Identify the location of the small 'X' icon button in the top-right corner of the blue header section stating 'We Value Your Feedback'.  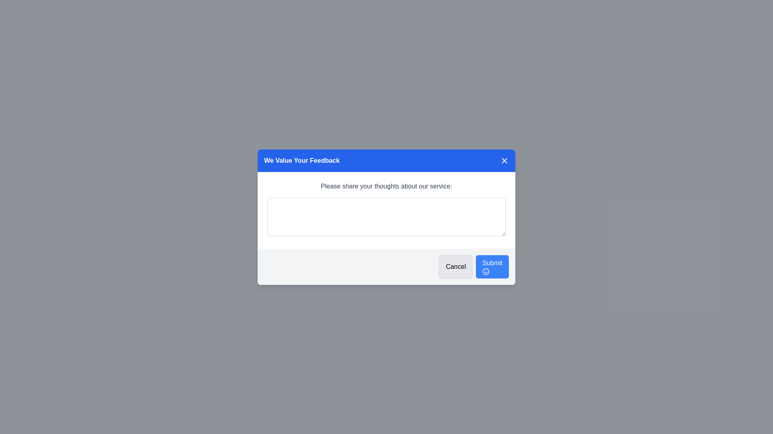
(504, 160).